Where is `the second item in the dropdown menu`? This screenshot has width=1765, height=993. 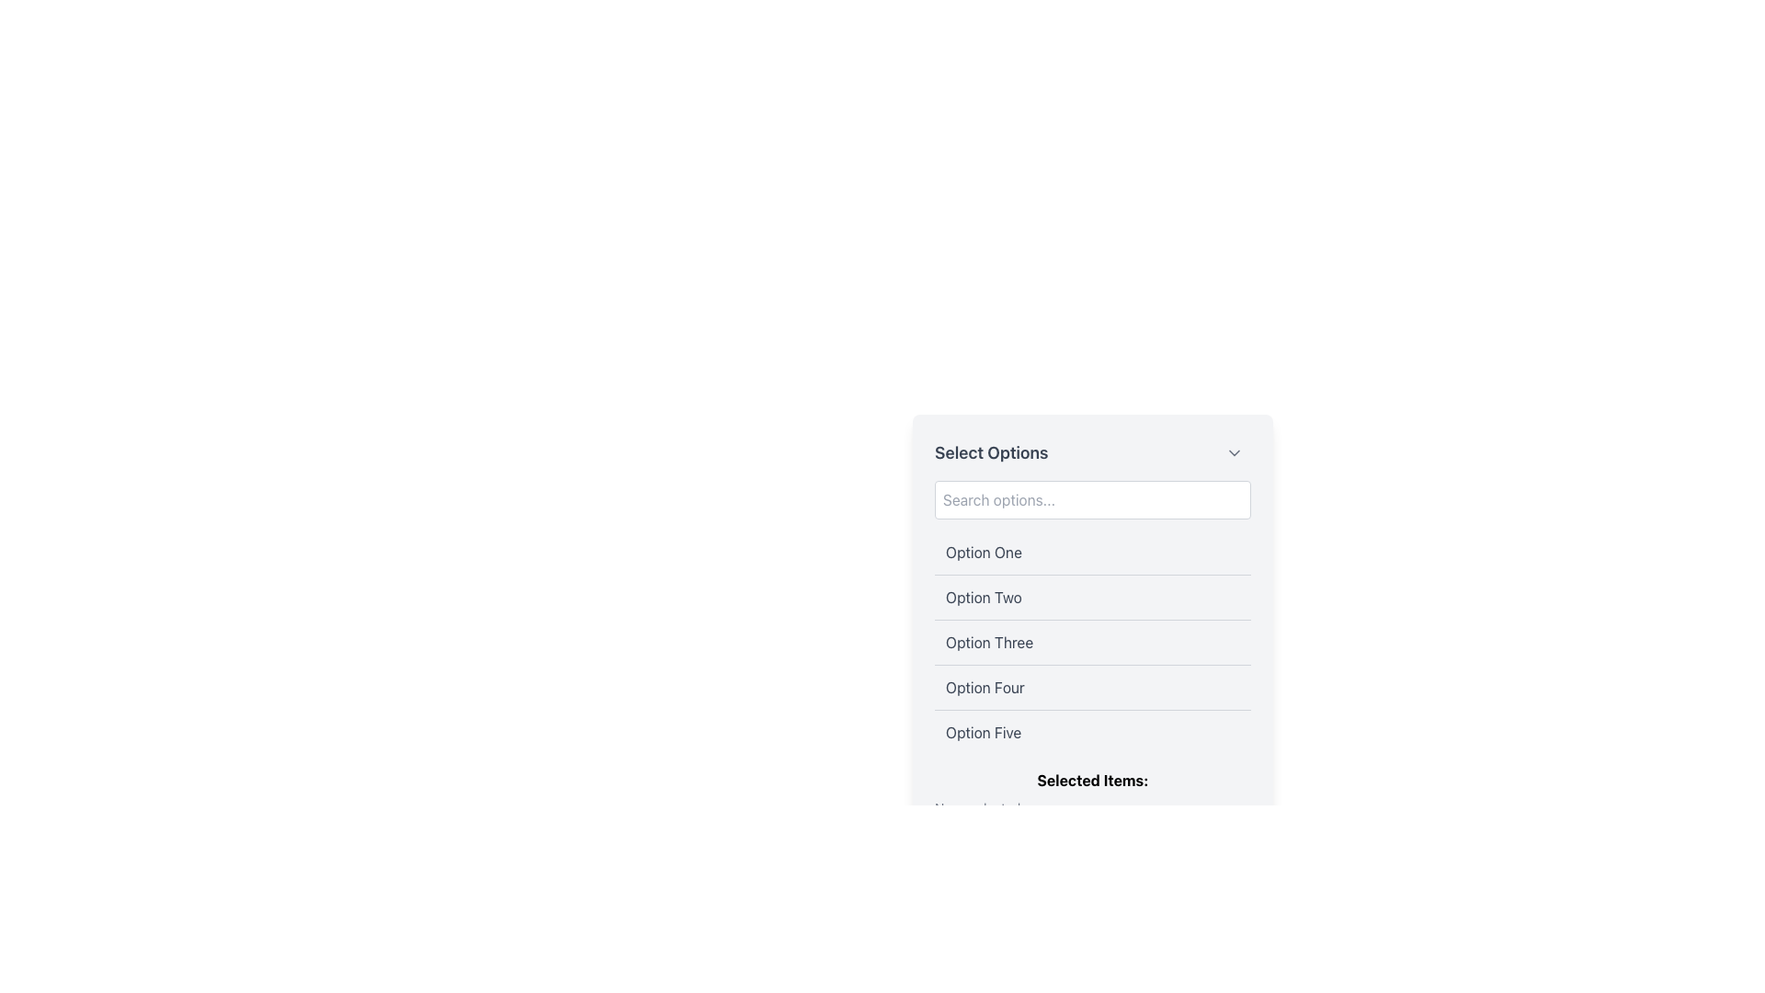 the second item in the dropdown menu is located at coordinates (1093, 599).